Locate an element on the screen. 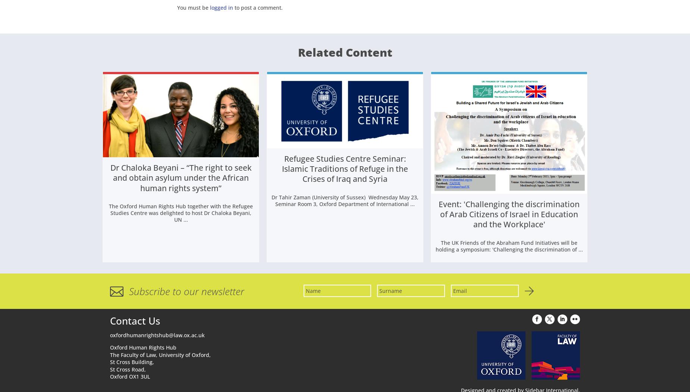 The height and width of the screenshot is (392, 690). 'oxfordhumanrightshub@law.ox.ac.uk' is located at coordinates (157, 336).